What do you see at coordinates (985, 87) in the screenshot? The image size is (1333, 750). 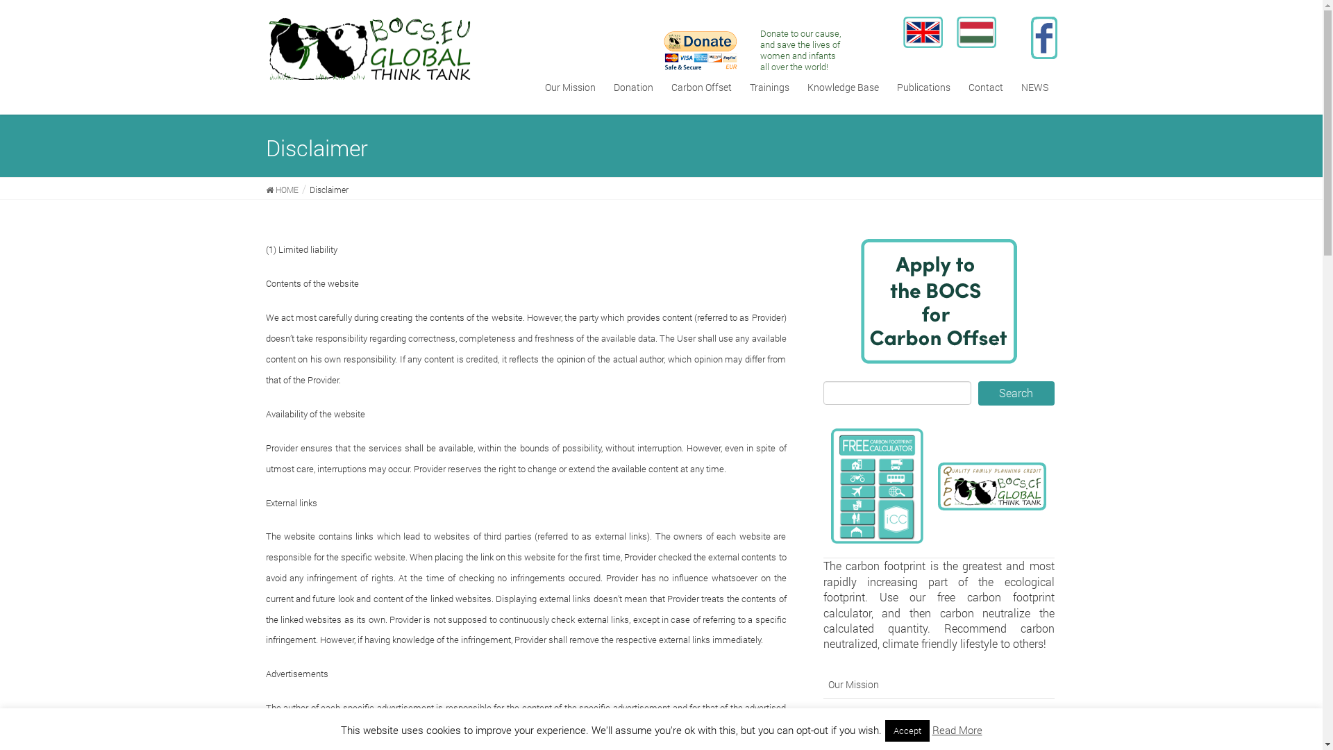 I see `'Contact'` at bounding box center [985, 87].